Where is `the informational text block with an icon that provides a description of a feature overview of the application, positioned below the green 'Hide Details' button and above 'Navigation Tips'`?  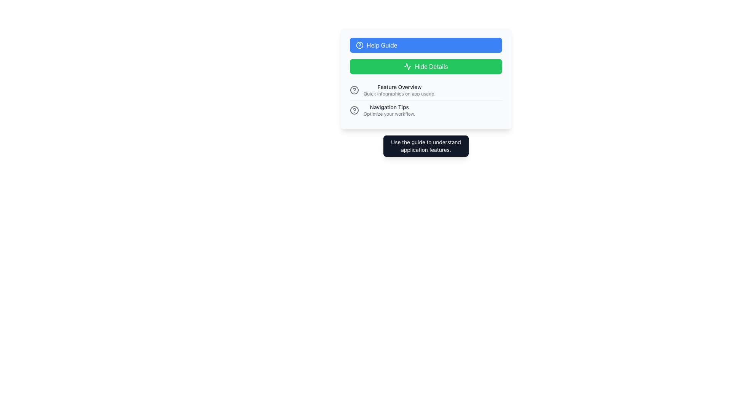
the informational text block with an icon that provides a description of a feature overview of the application, positioned below the green 'Hide Details' button and above 'Navigation Tips' is located at coordinates (425, 89).